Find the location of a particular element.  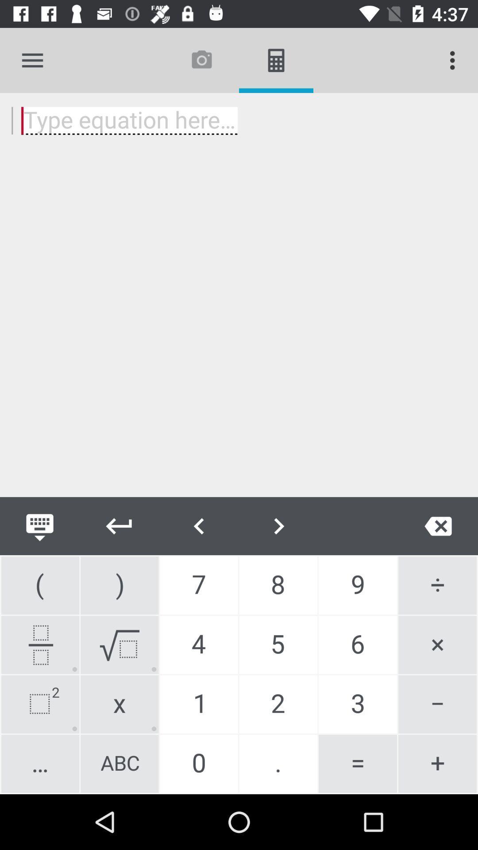

open keyboard is located at coordinates (39, 526).